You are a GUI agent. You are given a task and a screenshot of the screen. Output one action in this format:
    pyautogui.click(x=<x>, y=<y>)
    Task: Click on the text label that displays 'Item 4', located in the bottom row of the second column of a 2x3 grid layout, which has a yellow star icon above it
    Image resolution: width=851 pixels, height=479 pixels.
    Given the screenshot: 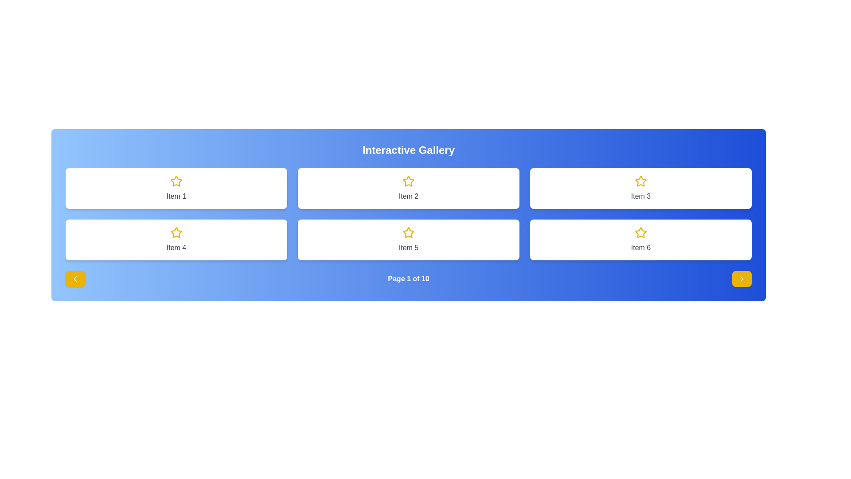 What is the action you would take?
    pyautogui.click(x=176, y=248)
    